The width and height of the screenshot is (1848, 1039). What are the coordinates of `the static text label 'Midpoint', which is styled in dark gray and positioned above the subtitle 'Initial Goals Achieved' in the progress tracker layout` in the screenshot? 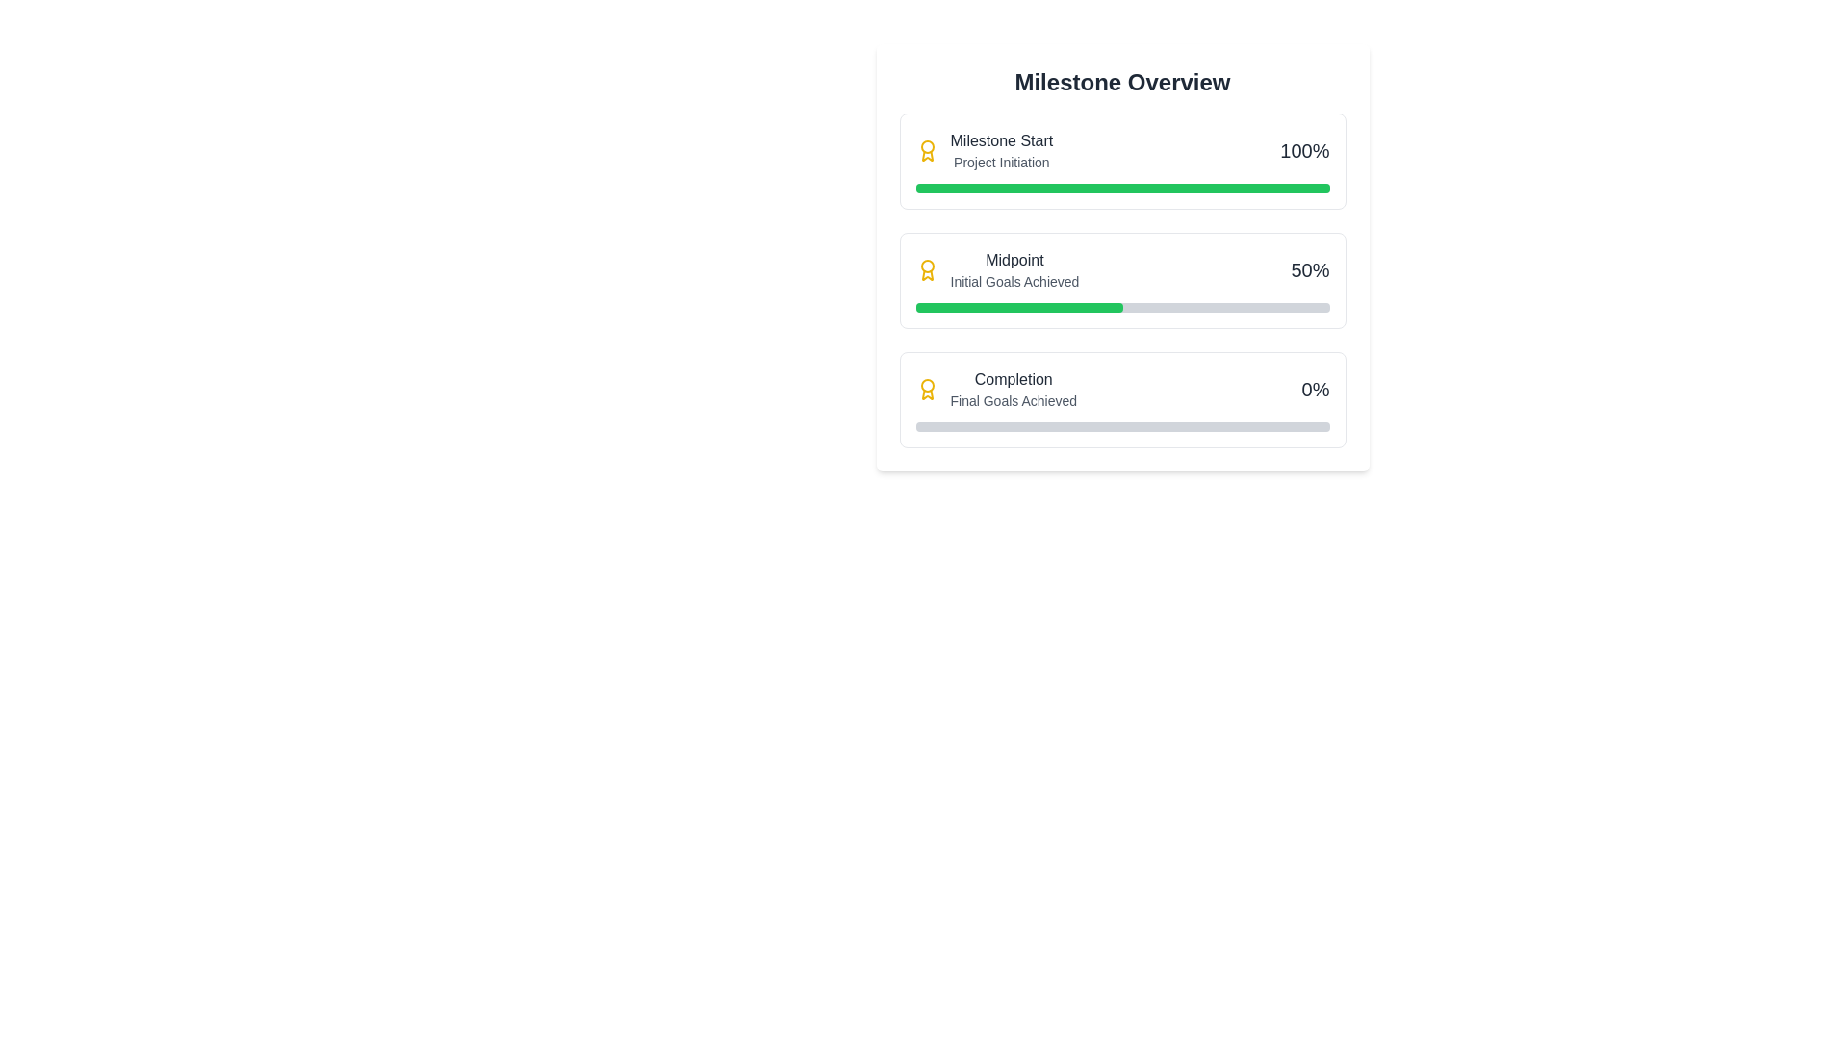 It's located at (1014, 260).